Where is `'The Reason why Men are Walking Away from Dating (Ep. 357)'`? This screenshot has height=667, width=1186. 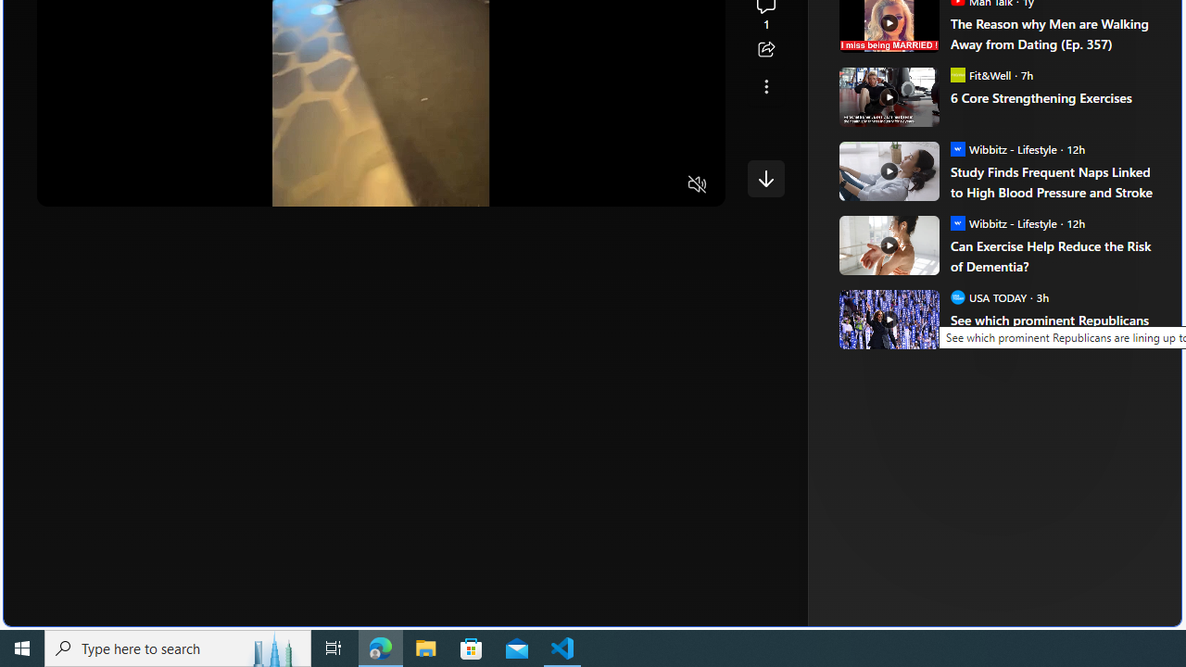
'The Reason why Men are Walking Away from Dating (Ep. 357)' is located at coordinates (1053, 33).